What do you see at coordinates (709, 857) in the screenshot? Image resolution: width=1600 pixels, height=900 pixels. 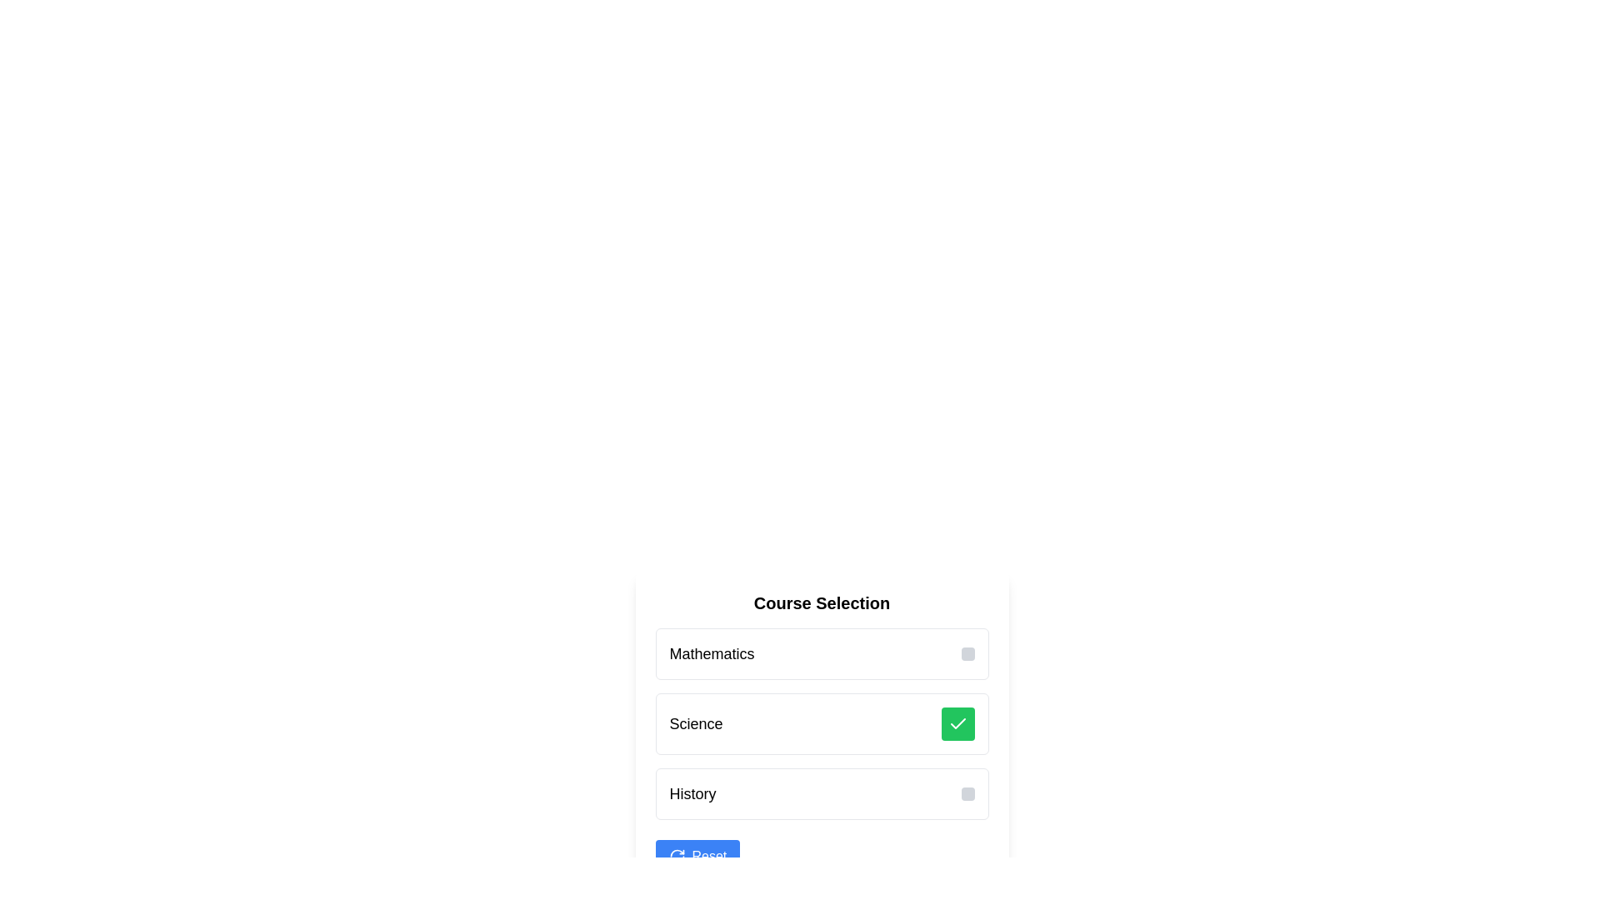 I see `the 'Reset' button, which features white text on a blue rectangular background and is located at the bottom of the interface, next to a circular arrow icon` at bounding box center [709, 857].